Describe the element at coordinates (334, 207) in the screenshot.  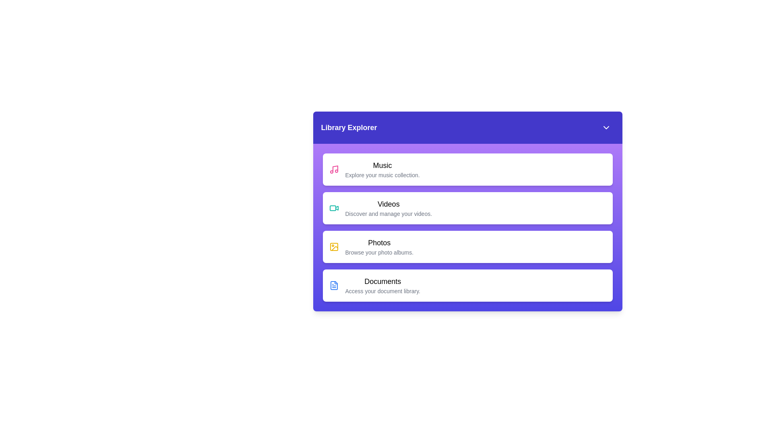
I see `the icon representing the Videos category` at that location.